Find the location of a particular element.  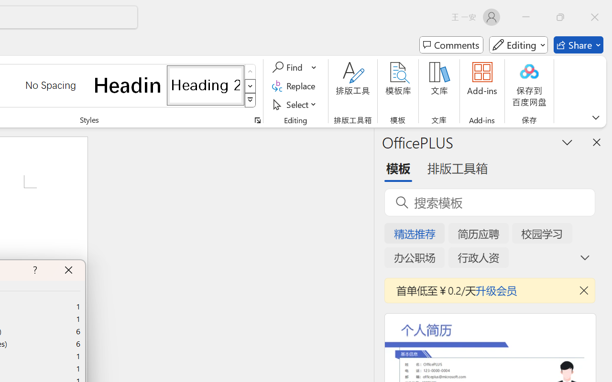

'Select' is located at coordinates (295, 104).